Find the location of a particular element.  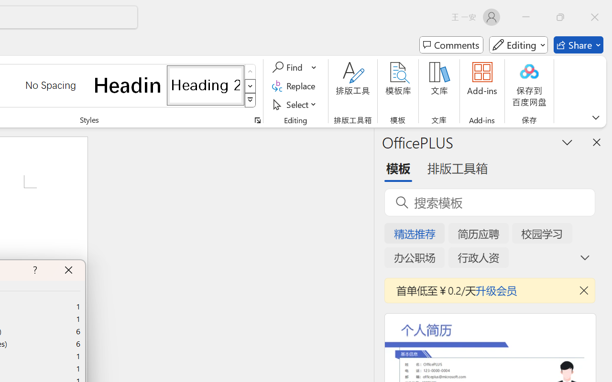

'Select' is located at coordinates (295, 104).